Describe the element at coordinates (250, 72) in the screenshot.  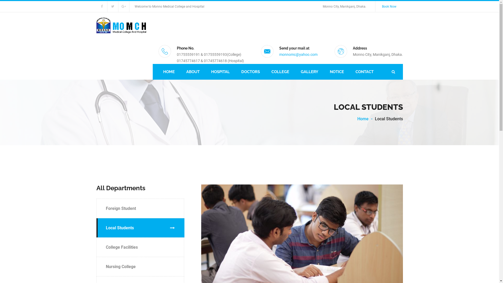
I see `'DOCTORS'` at that location.